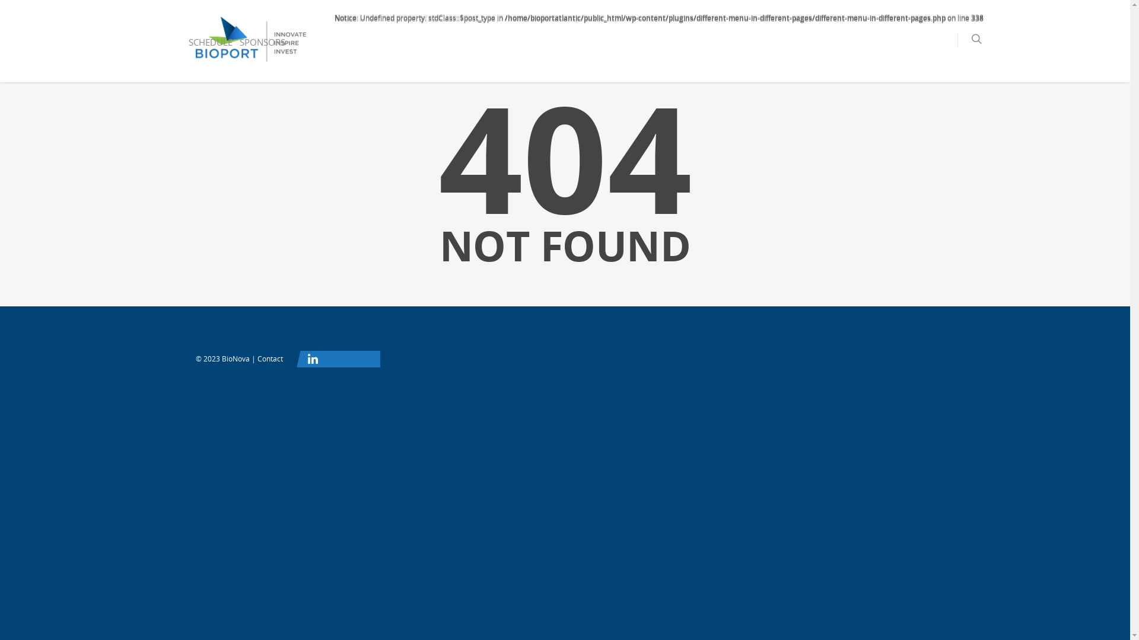  I want to click on 'SCHEDULE', so click(211, 50).